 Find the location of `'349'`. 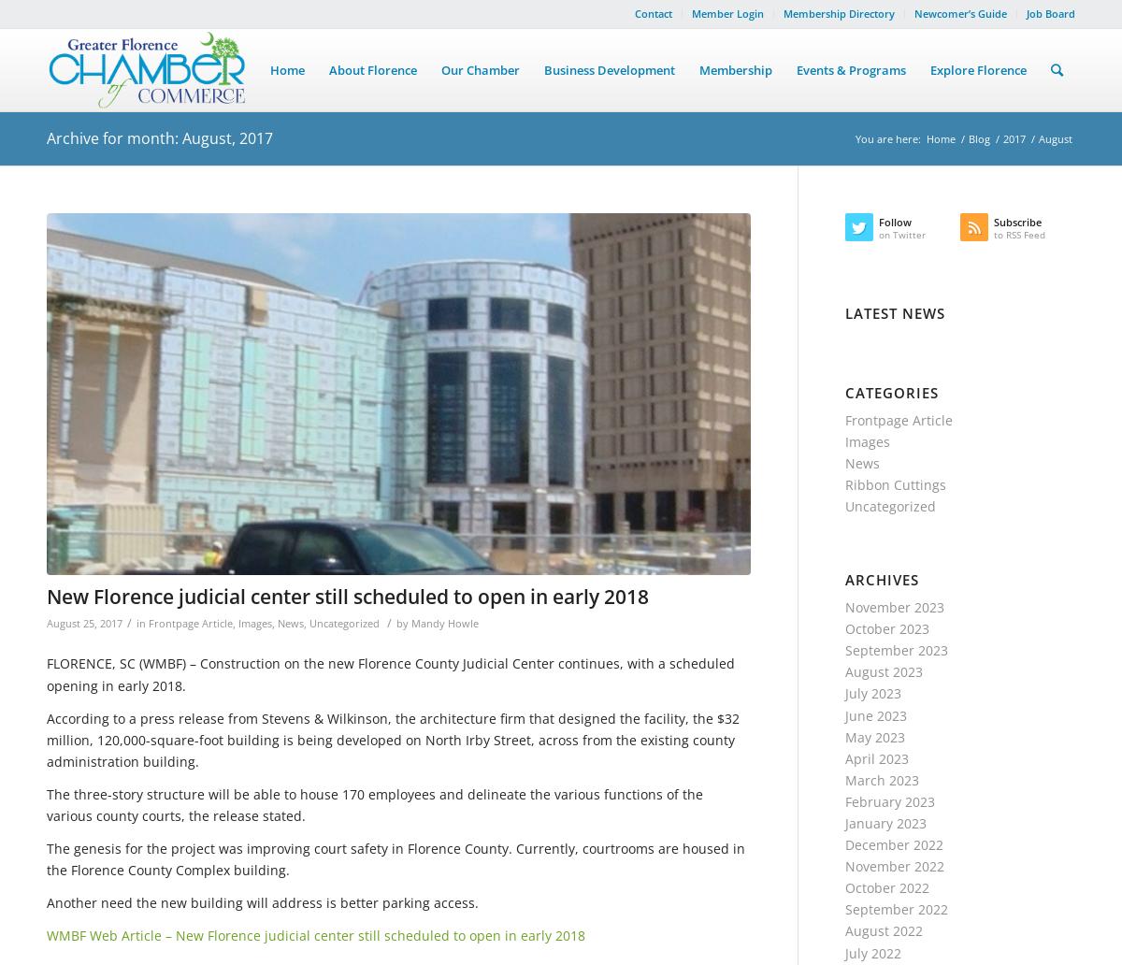

'349' is located at coordinates (490, 222).